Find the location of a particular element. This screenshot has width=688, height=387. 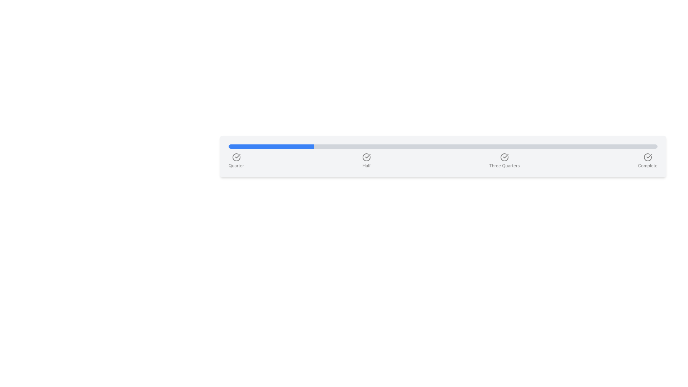

the second progress indicator, which features a circular checkmark symbol and the label 'Half', located in the gray-themed horizontal progress bar is located at coordinates (367, 160).